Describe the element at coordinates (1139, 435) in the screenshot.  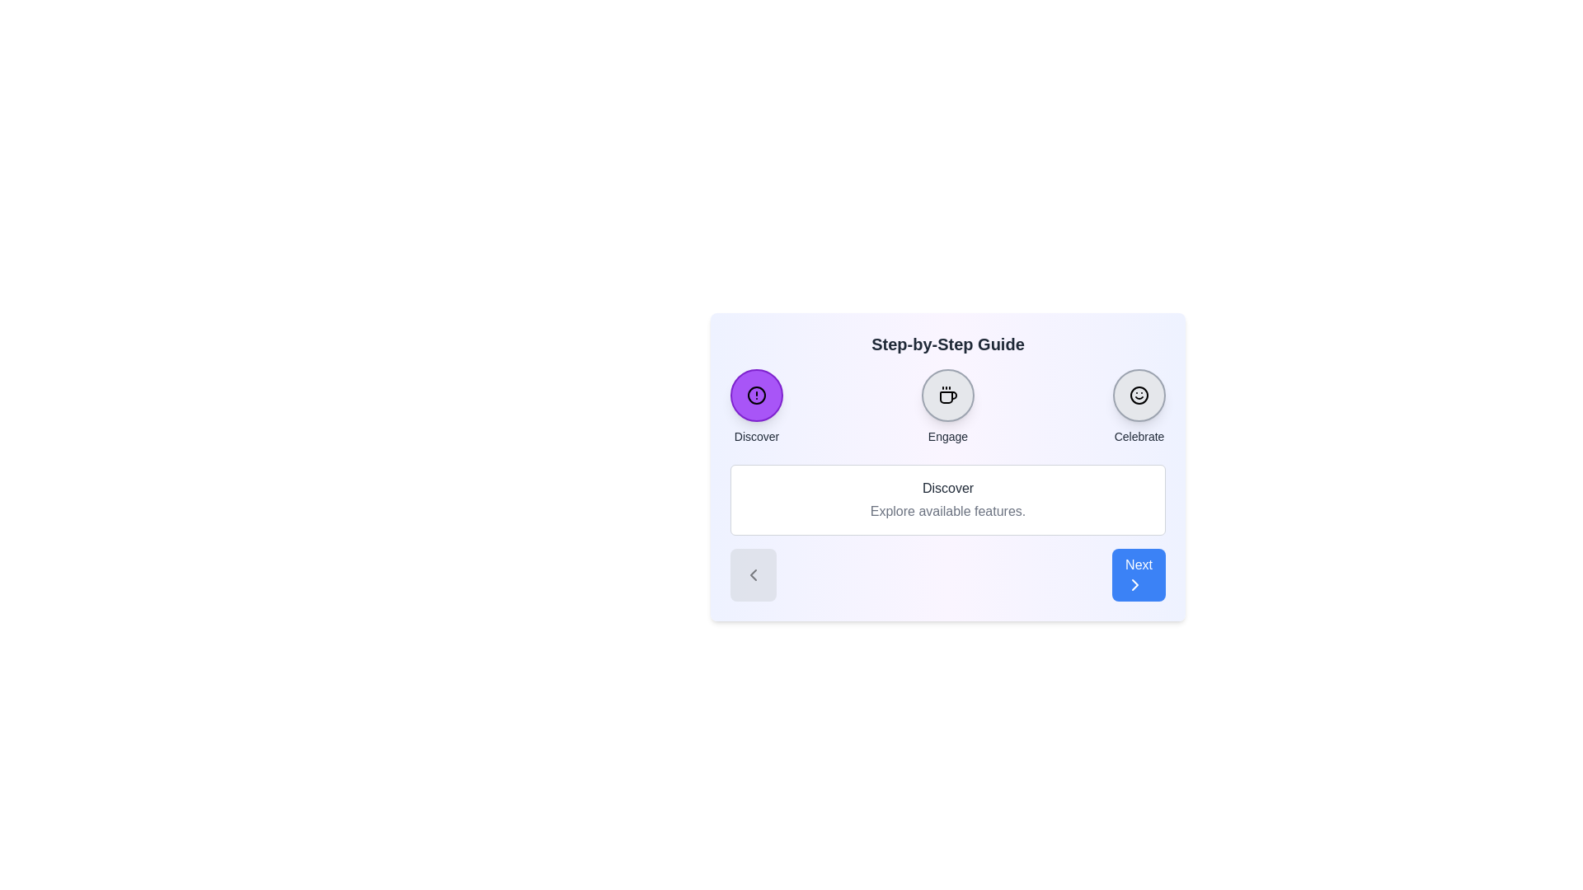
I see `the text label displaying 'Celebrate', which is styled in dark gray and located below a circular smiley face icon in the interface` at that location.